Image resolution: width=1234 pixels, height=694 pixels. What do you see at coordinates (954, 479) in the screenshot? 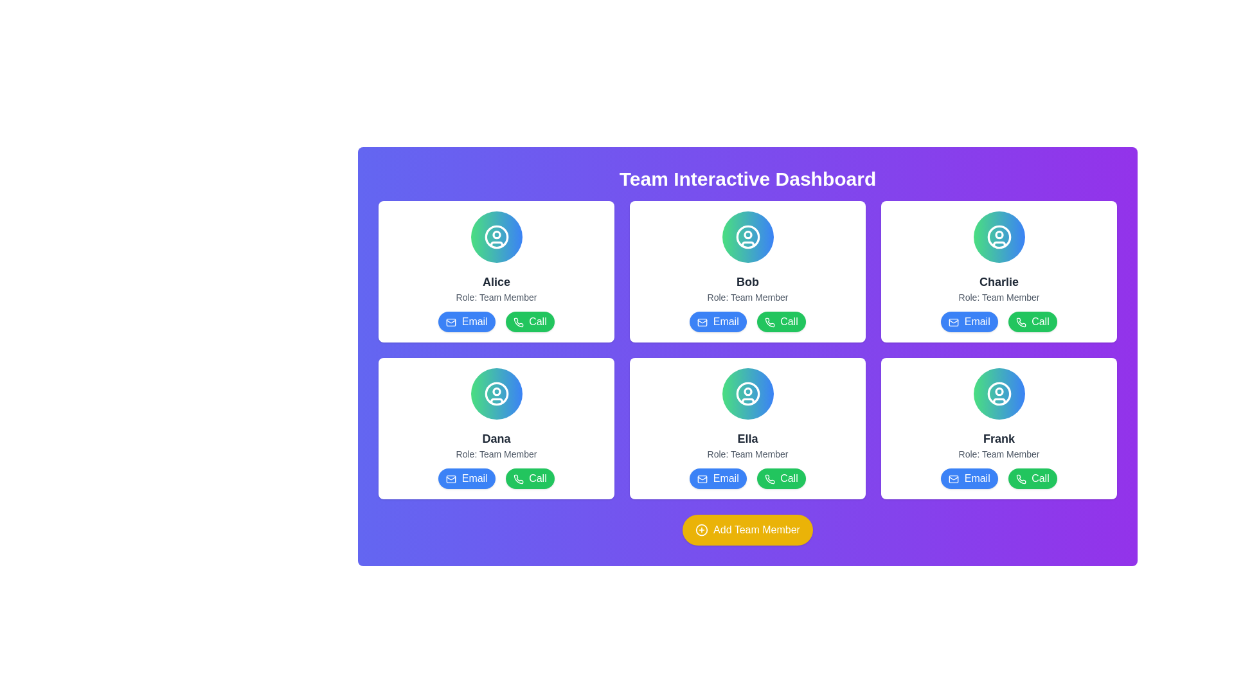
I see `the email icon located within the blue 'Email' button of the 'Frank, Role: Team Member' card` at bounding box center [954, 479].